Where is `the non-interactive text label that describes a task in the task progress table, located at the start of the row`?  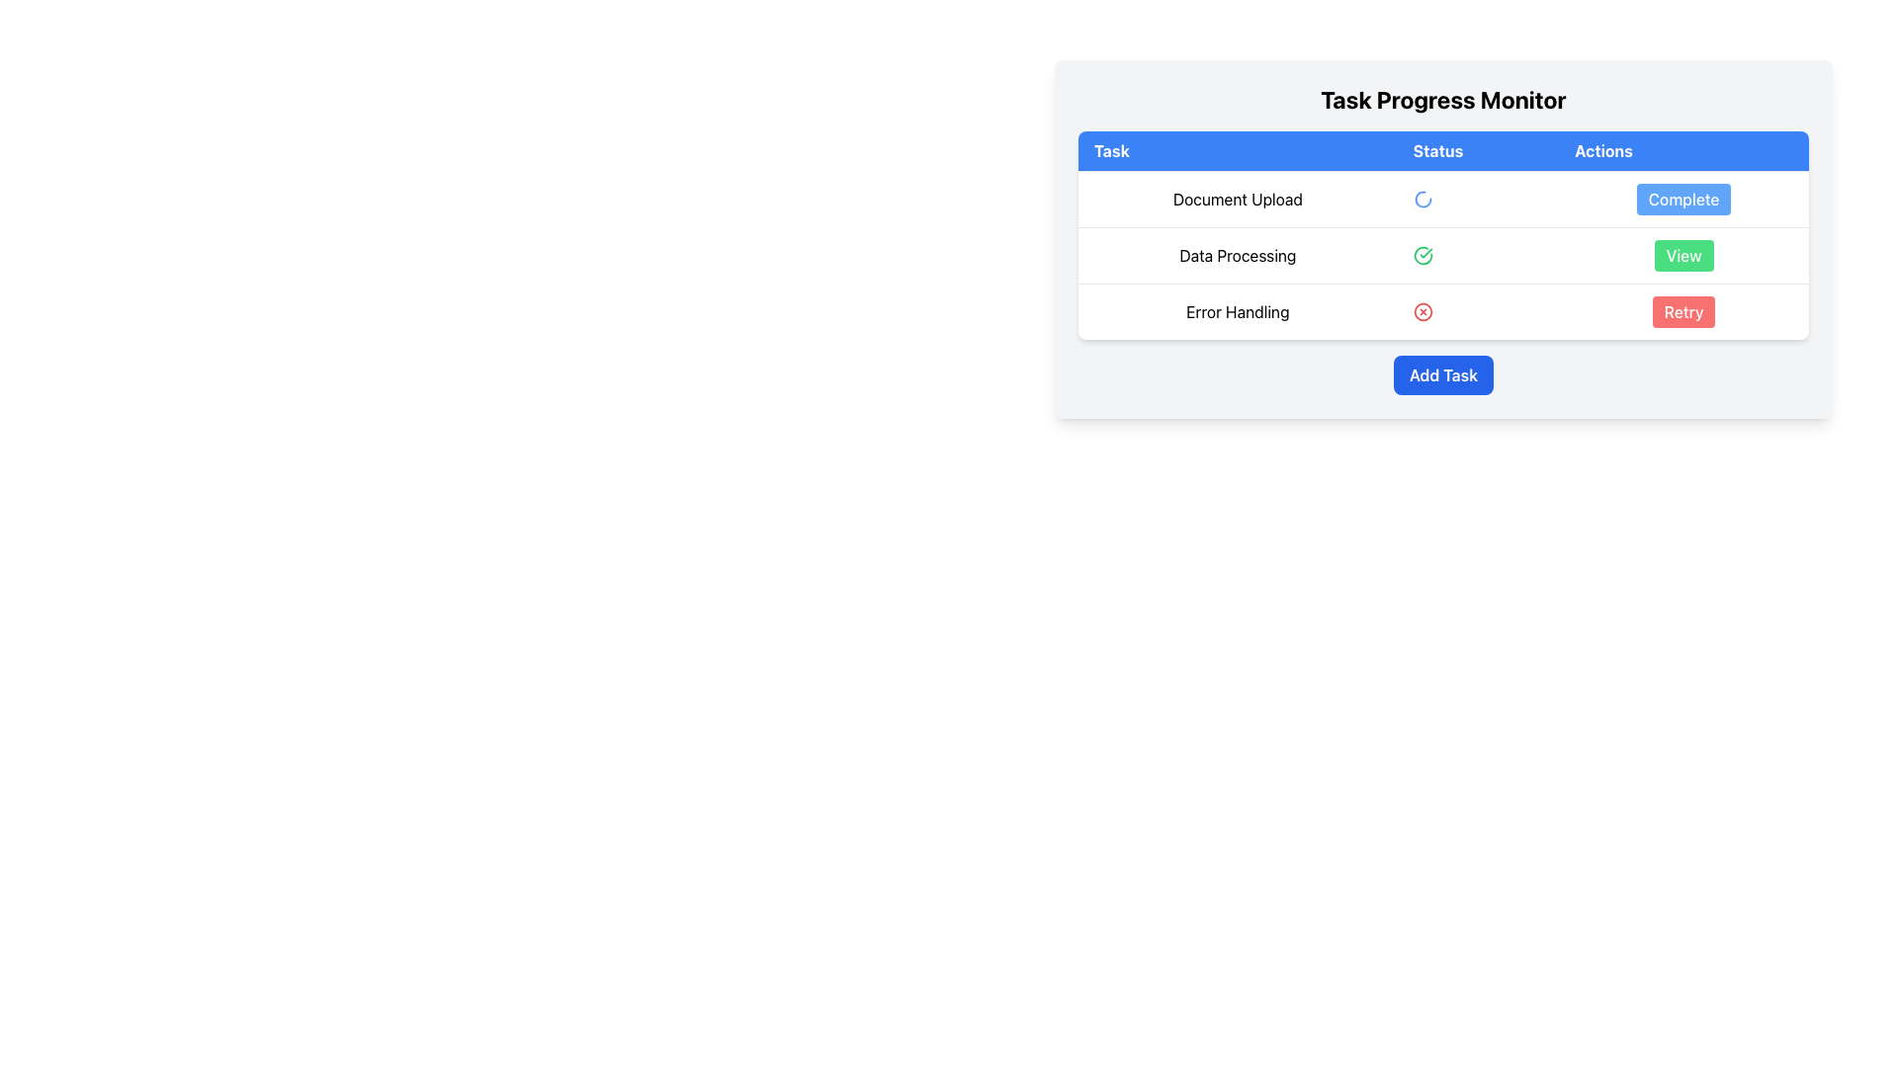 the non-interactive text label that describes a task in the task progress table, located at the start of the row is located at coordinates (1237, 311).